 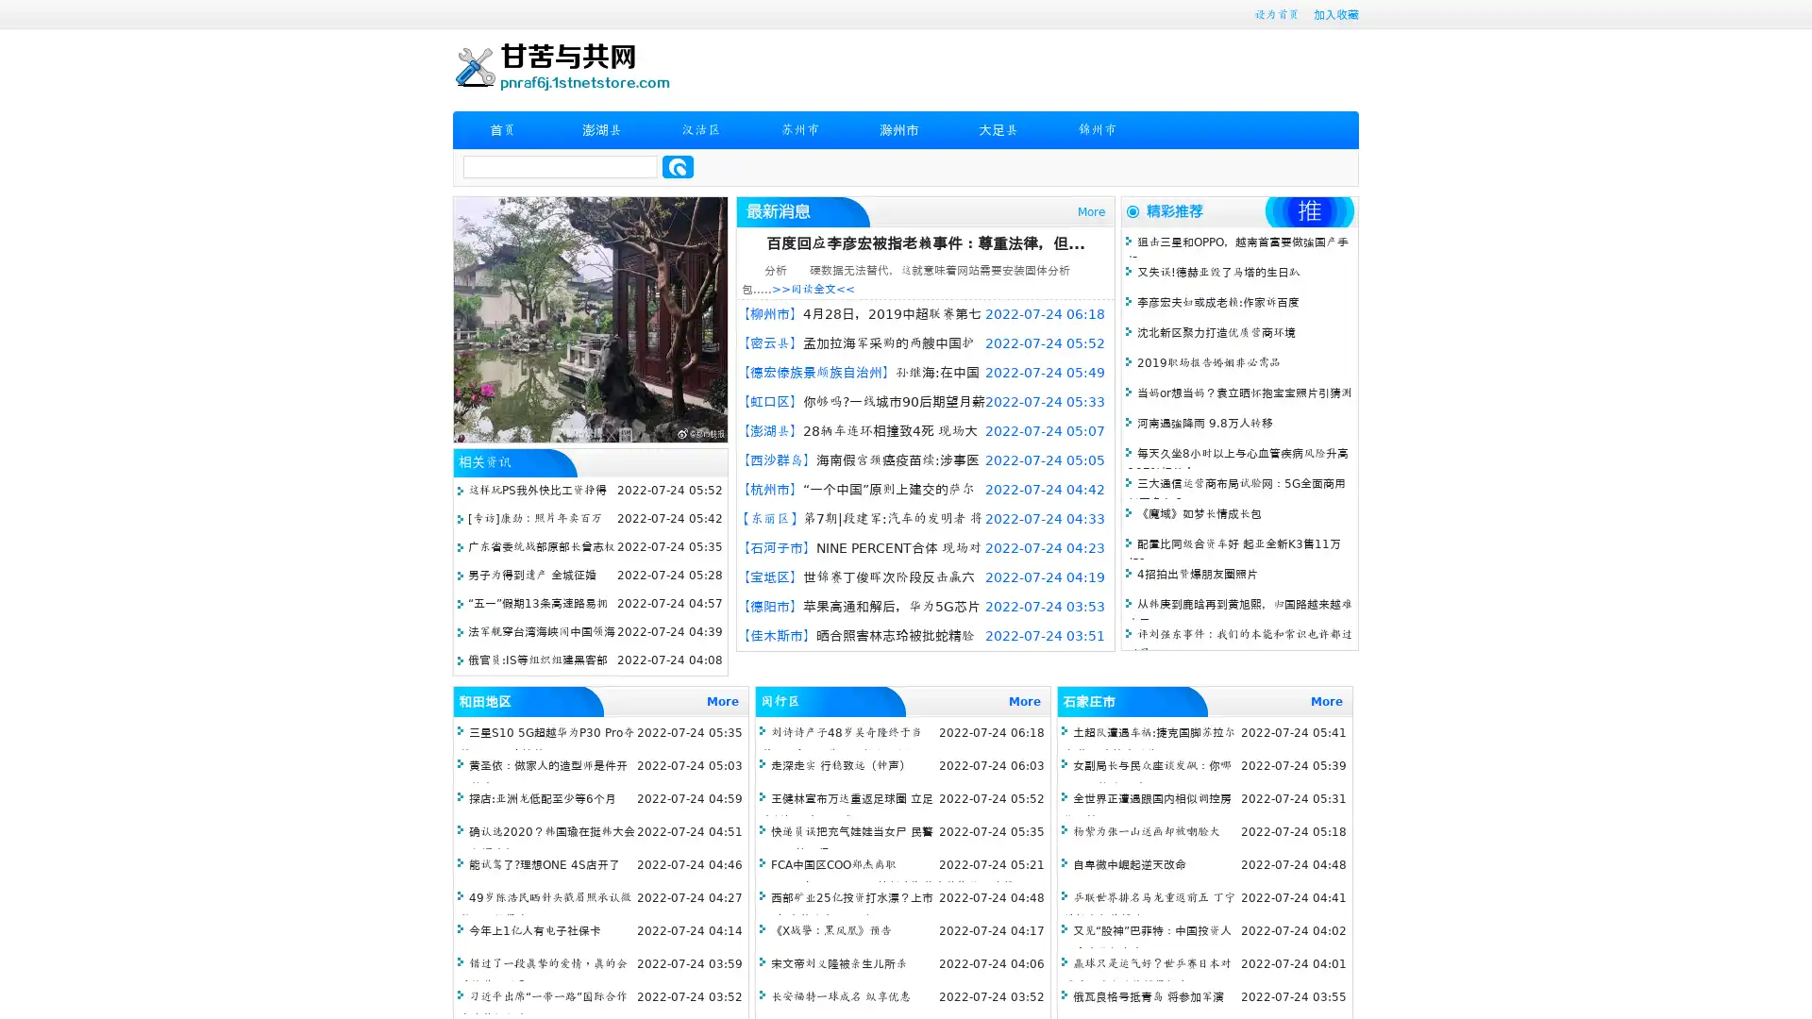 What do you see at coordinates (678, 166) in the screenshot?
I see `Search` at bounding box center [678, 166].